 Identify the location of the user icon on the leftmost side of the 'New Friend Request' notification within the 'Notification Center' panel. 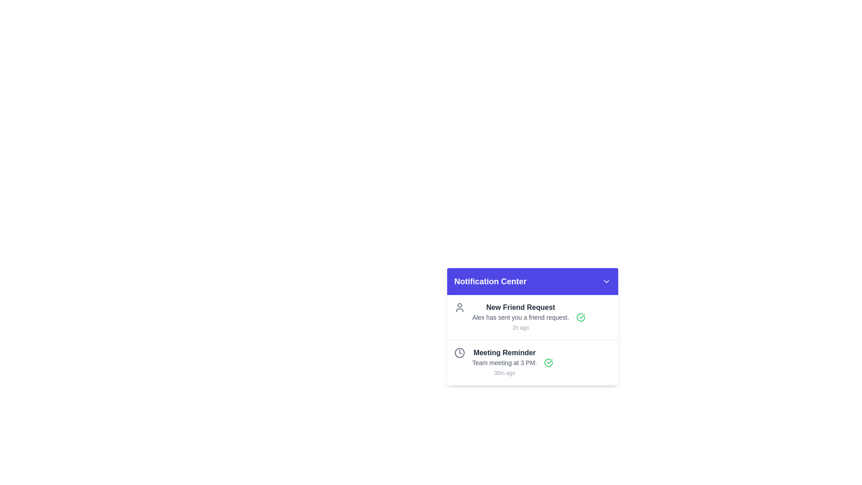
(459, 307).